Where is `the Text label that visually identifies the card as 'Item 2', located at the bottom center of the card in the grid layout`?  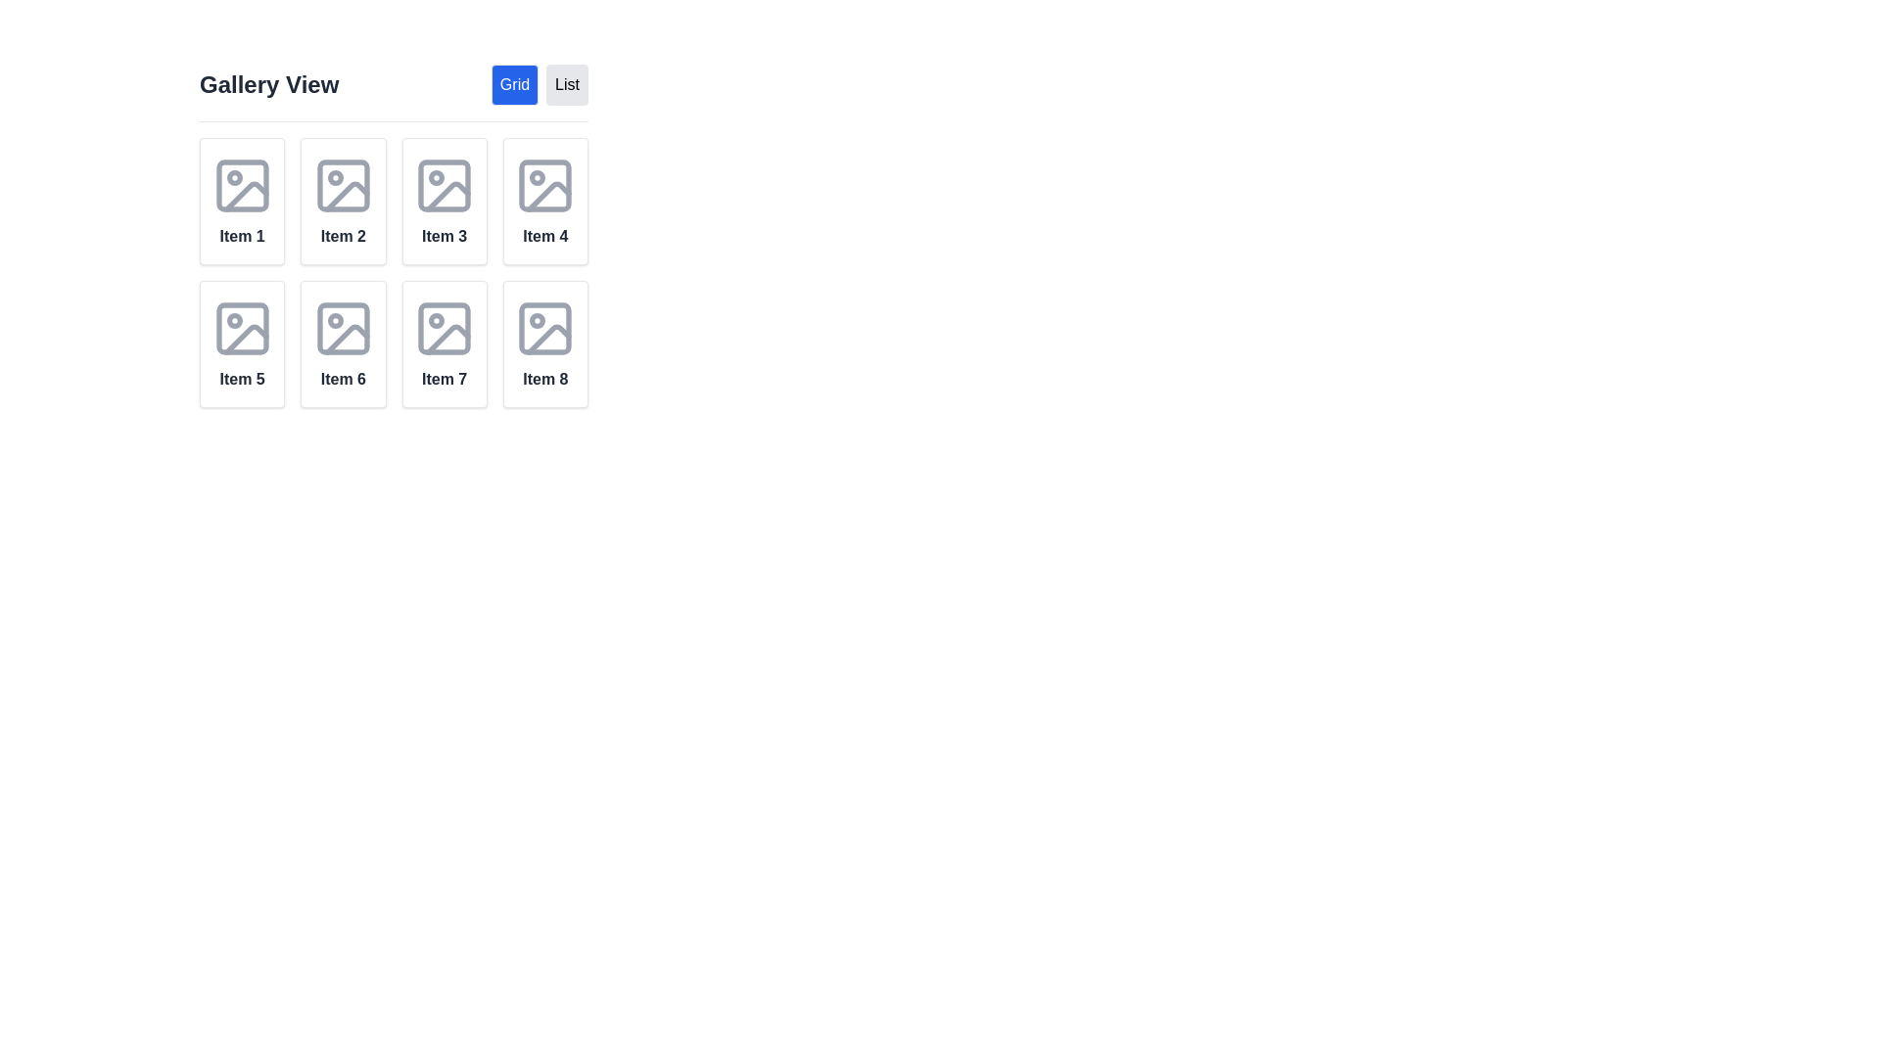 the Text label that visually identifies the card as 'Item 2', located at the bottom center of the card in the grid layout is located at coordinates (343, 236).